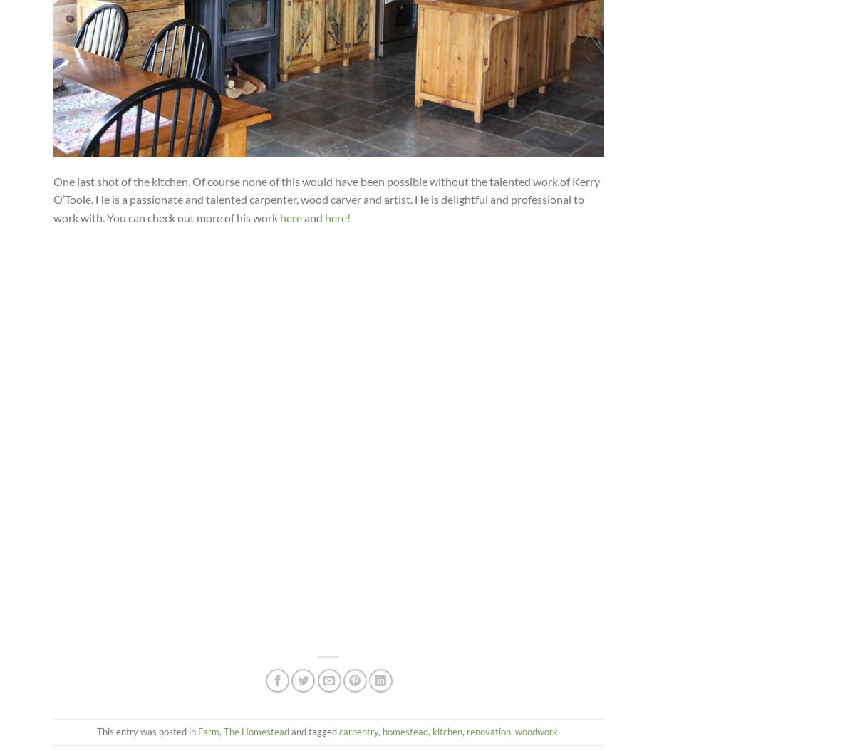  I want to click on 'homestead', so click(405, 730).